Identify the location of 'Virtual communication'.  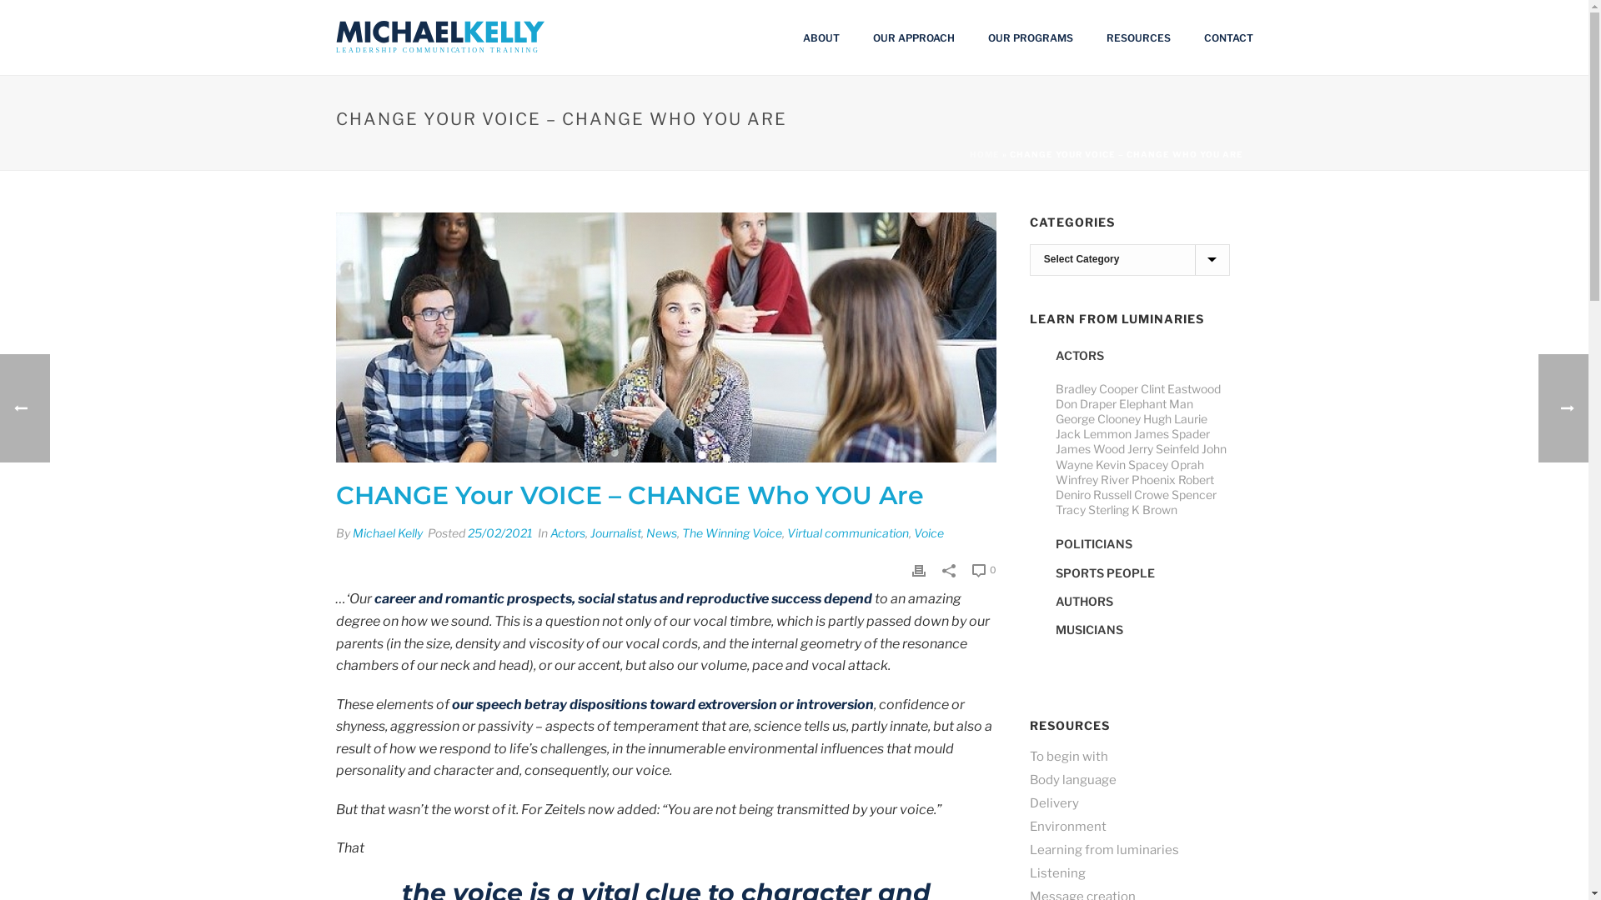
(848, 532).